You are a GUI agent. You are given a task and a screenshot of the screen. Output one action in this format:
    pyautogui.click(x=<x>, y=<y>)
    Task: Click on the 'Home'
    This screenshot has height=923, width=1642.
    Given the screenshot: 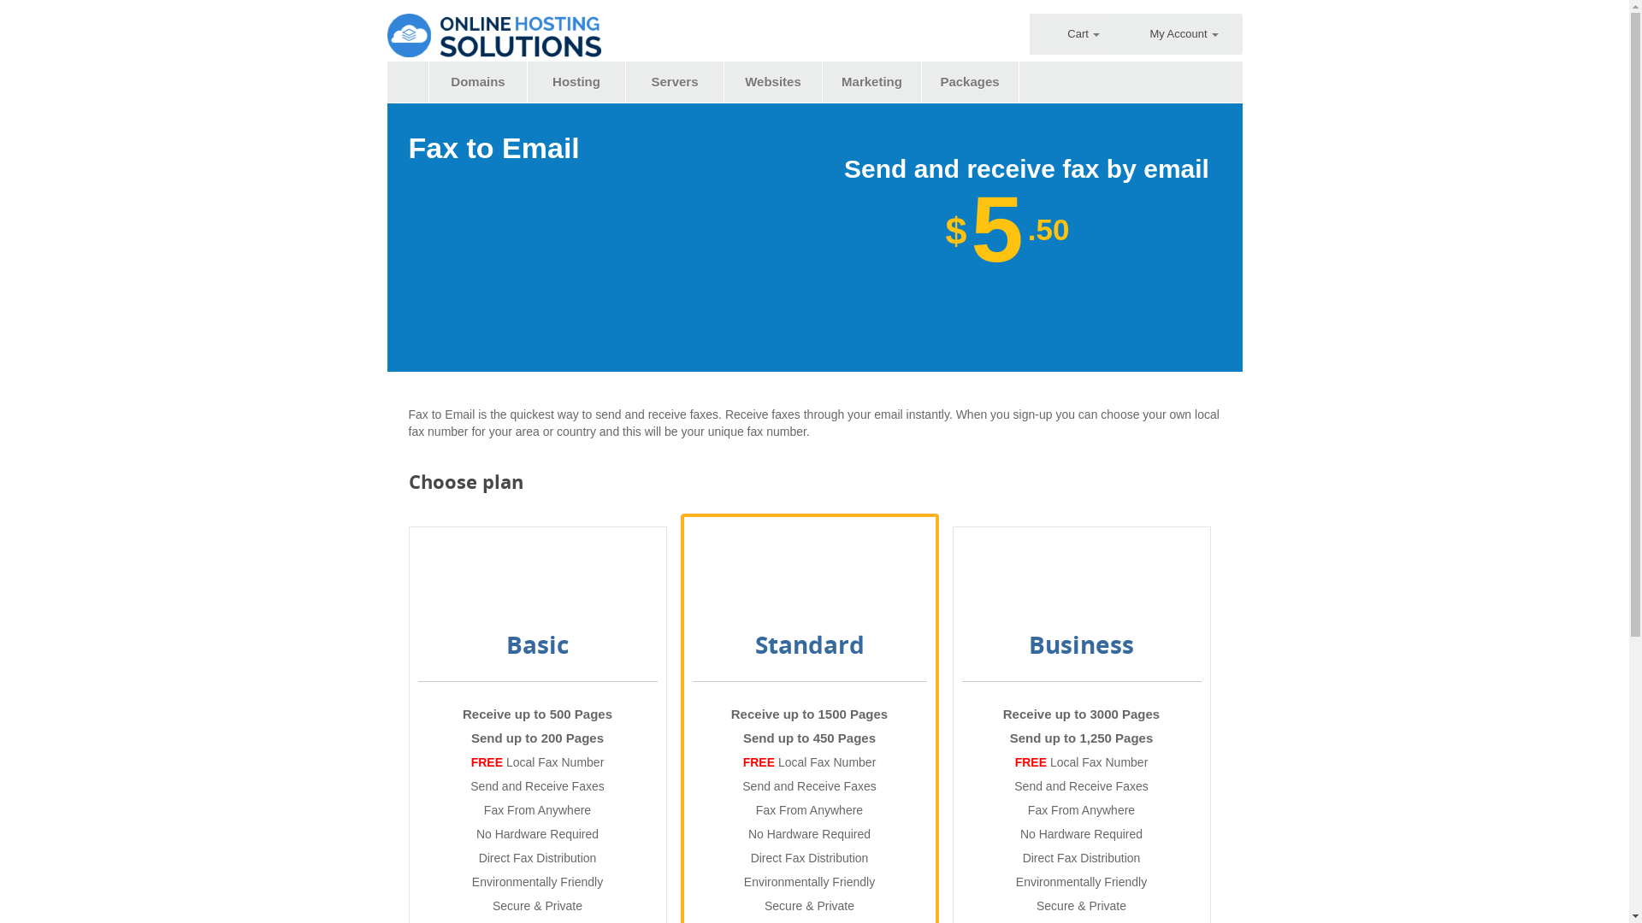 What is the action you would take?
    pyautogui.click(x=406, y=82)
    